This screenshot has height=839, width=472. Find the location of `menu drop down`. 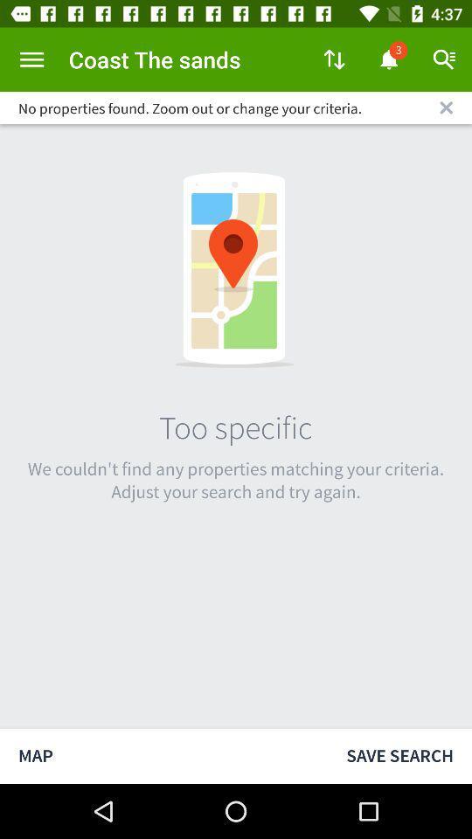

menu drop down is located at coordinates (31, 59).